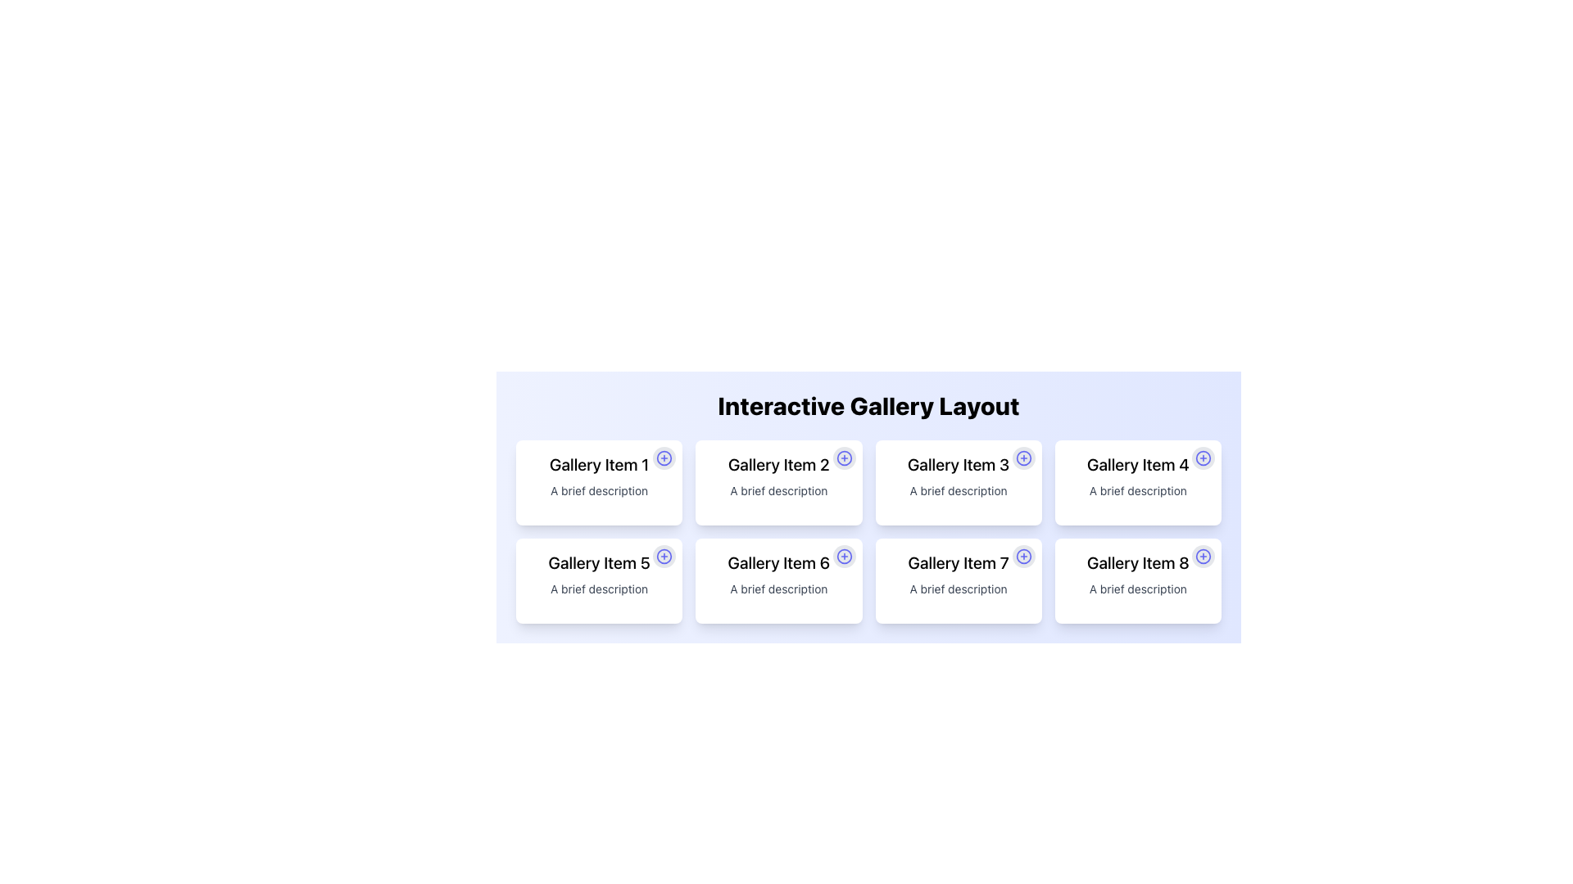 This screenshot has width=1573, height=884. Describe the element at coordinates (664, 458) in the screenshot. I see `the circular '+' button with a blue outline located at the top-right corner of the card labeled 'Gallery Item 1'` at that location.